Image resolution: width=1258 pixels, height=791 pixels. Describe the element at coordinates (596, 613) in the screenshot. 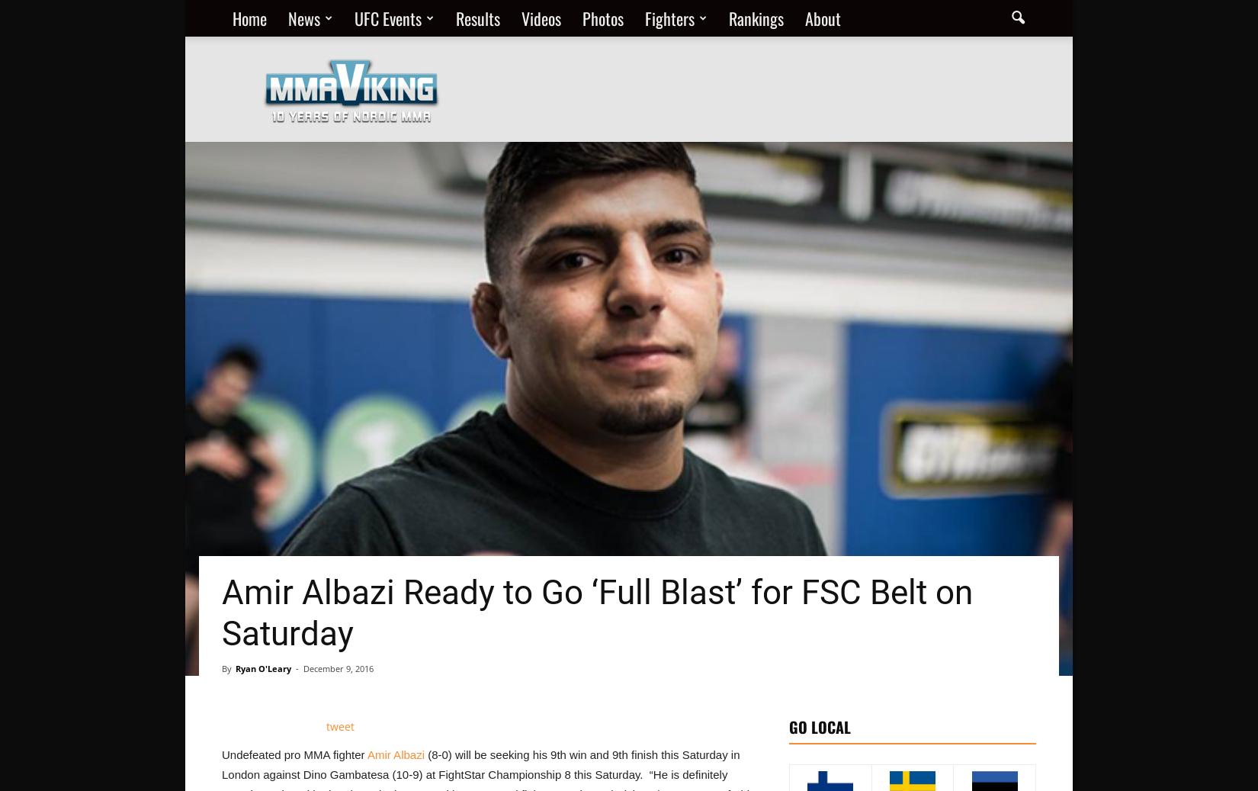

I see `'Amir Albazi Ready to Go ‘Full Blast’ for FSC Belt on Saturday'` at that location.